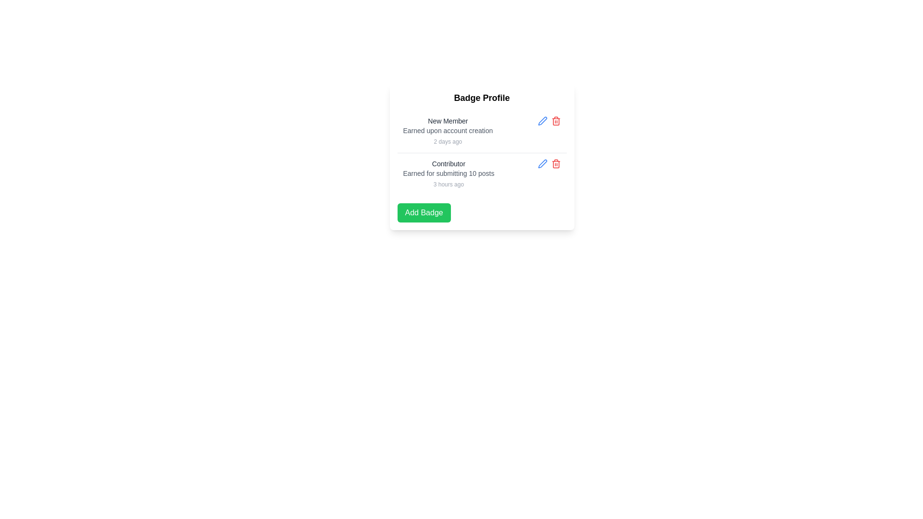  I want to click on the Text Label that describes the achievement of earning a badge for submitting 10 posts, which is located between 'Contributor' above it and '3 hours ago' below it, so click(448, 173).